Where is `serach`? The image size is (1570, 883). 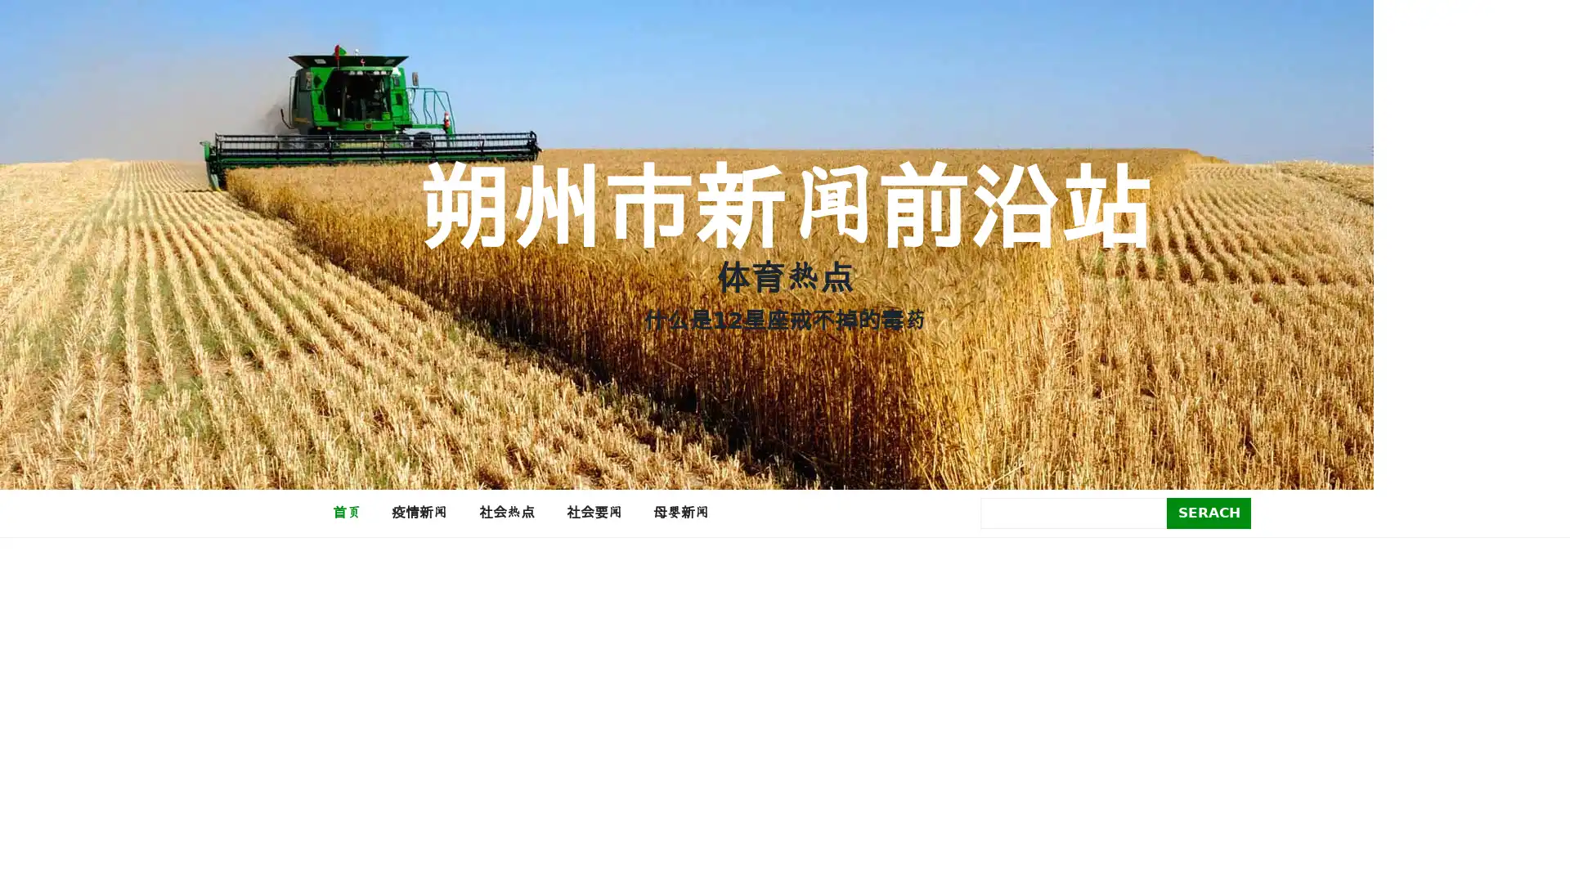 serach is located at coordinates (1209, 512).